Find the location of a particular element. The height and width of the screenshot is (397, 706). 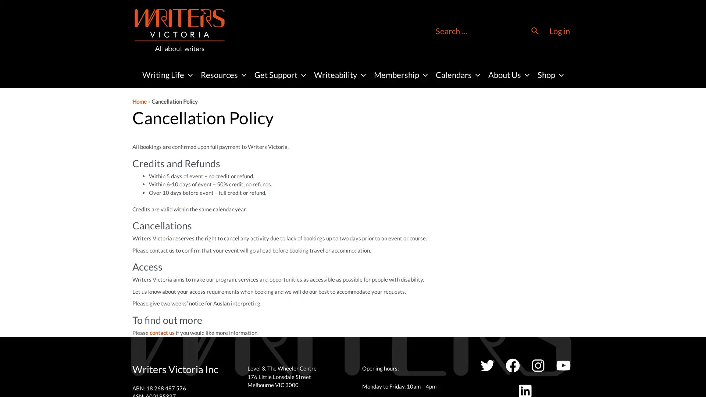

Search is located at coordinates (535, 31).